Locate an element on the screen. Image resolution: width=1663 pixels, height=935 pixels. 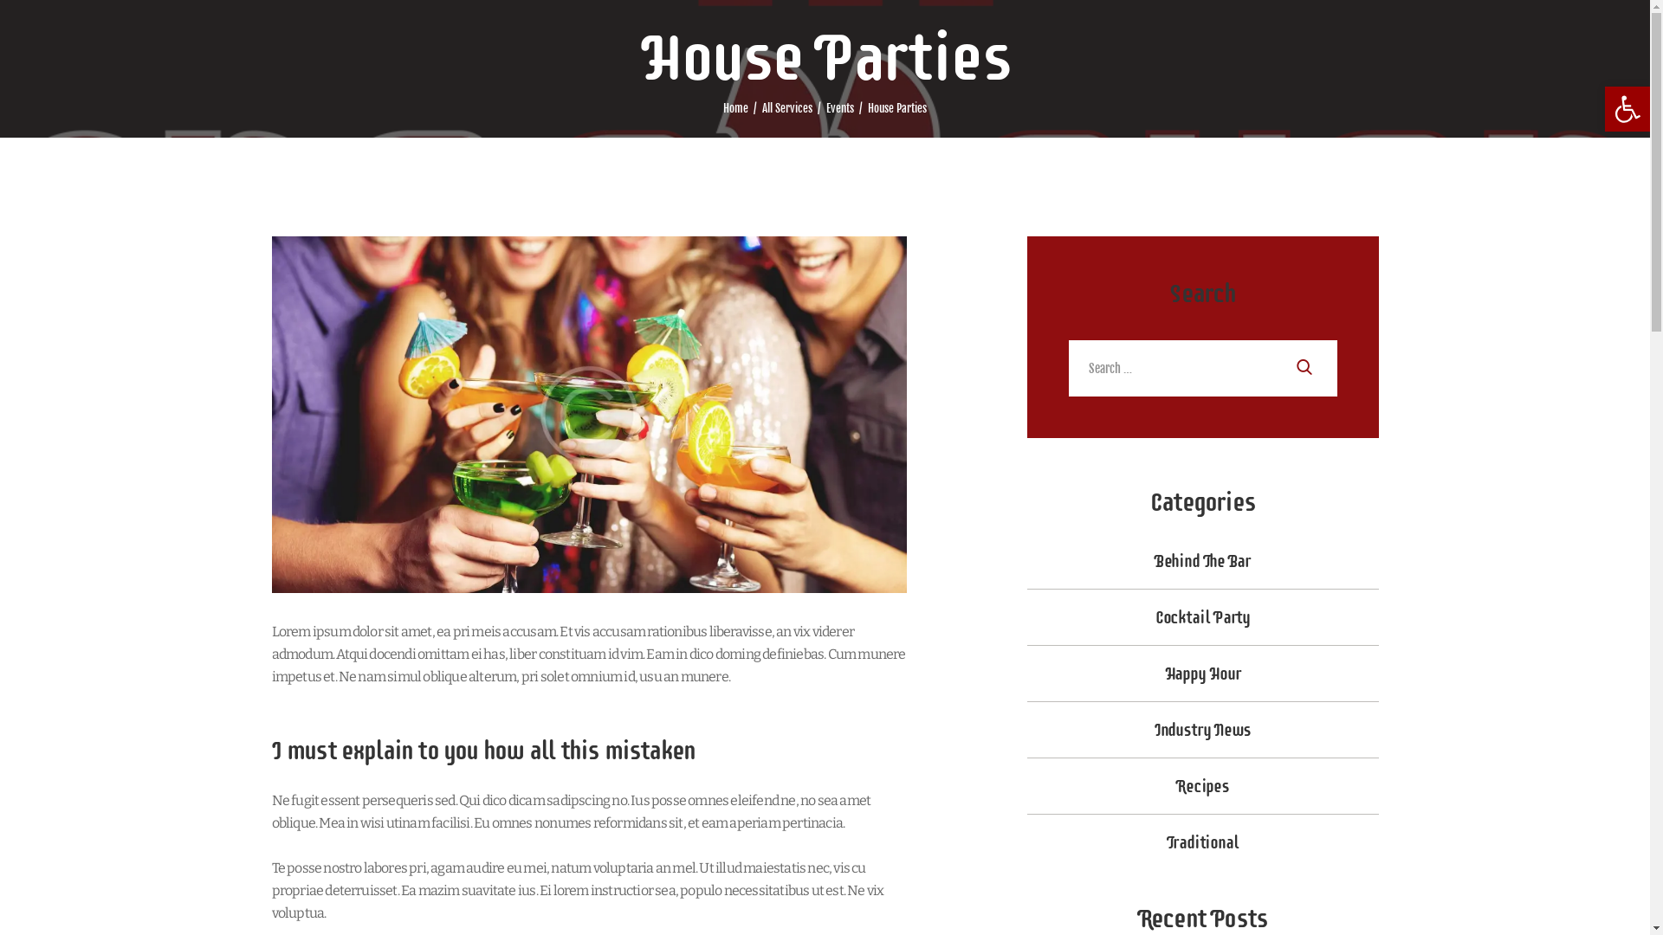
'Events' is located at coordinates (839, 108).